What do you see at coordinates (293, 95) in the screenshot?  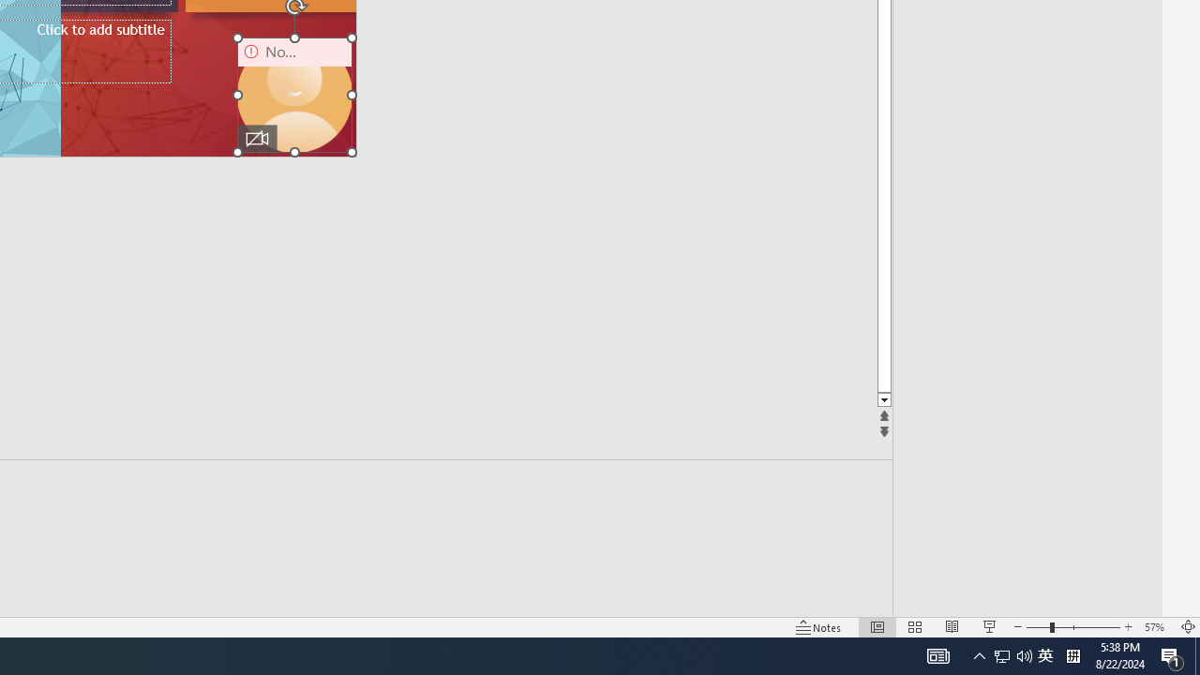 I see `'Camera 14, No camera detected.'` at bounding box center [293, 95].